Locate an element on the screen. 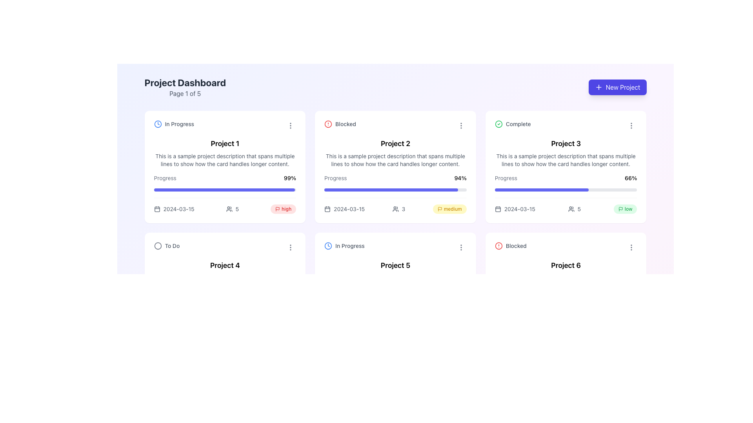 The image size is (753, 423). the text label that serves as a heading or title for a specific project or task, located centrally in the card under the 'To Do' column is located at coordinates (224, 265).